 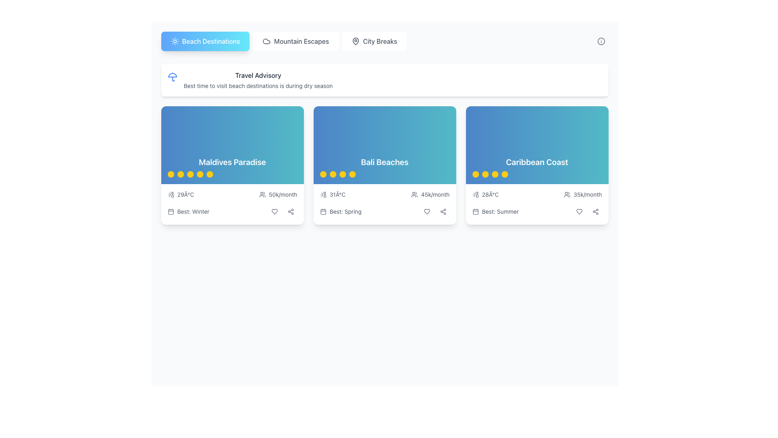 What do you see at coordinates (274, 211) in the screenshot?
I see `the heart icon located in the bottom row of the 'Maldives Paradise' card` at bounding box center [274, 211].